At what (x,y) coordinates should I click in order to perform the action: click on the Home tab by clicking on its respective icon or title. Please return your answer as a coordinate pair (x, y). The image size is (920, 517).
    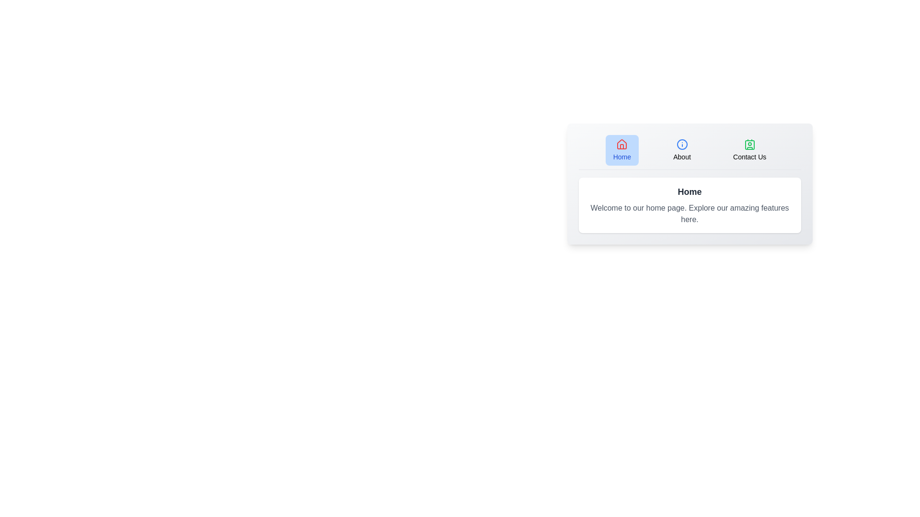
    Looking at the image, I should click on (622, 150).